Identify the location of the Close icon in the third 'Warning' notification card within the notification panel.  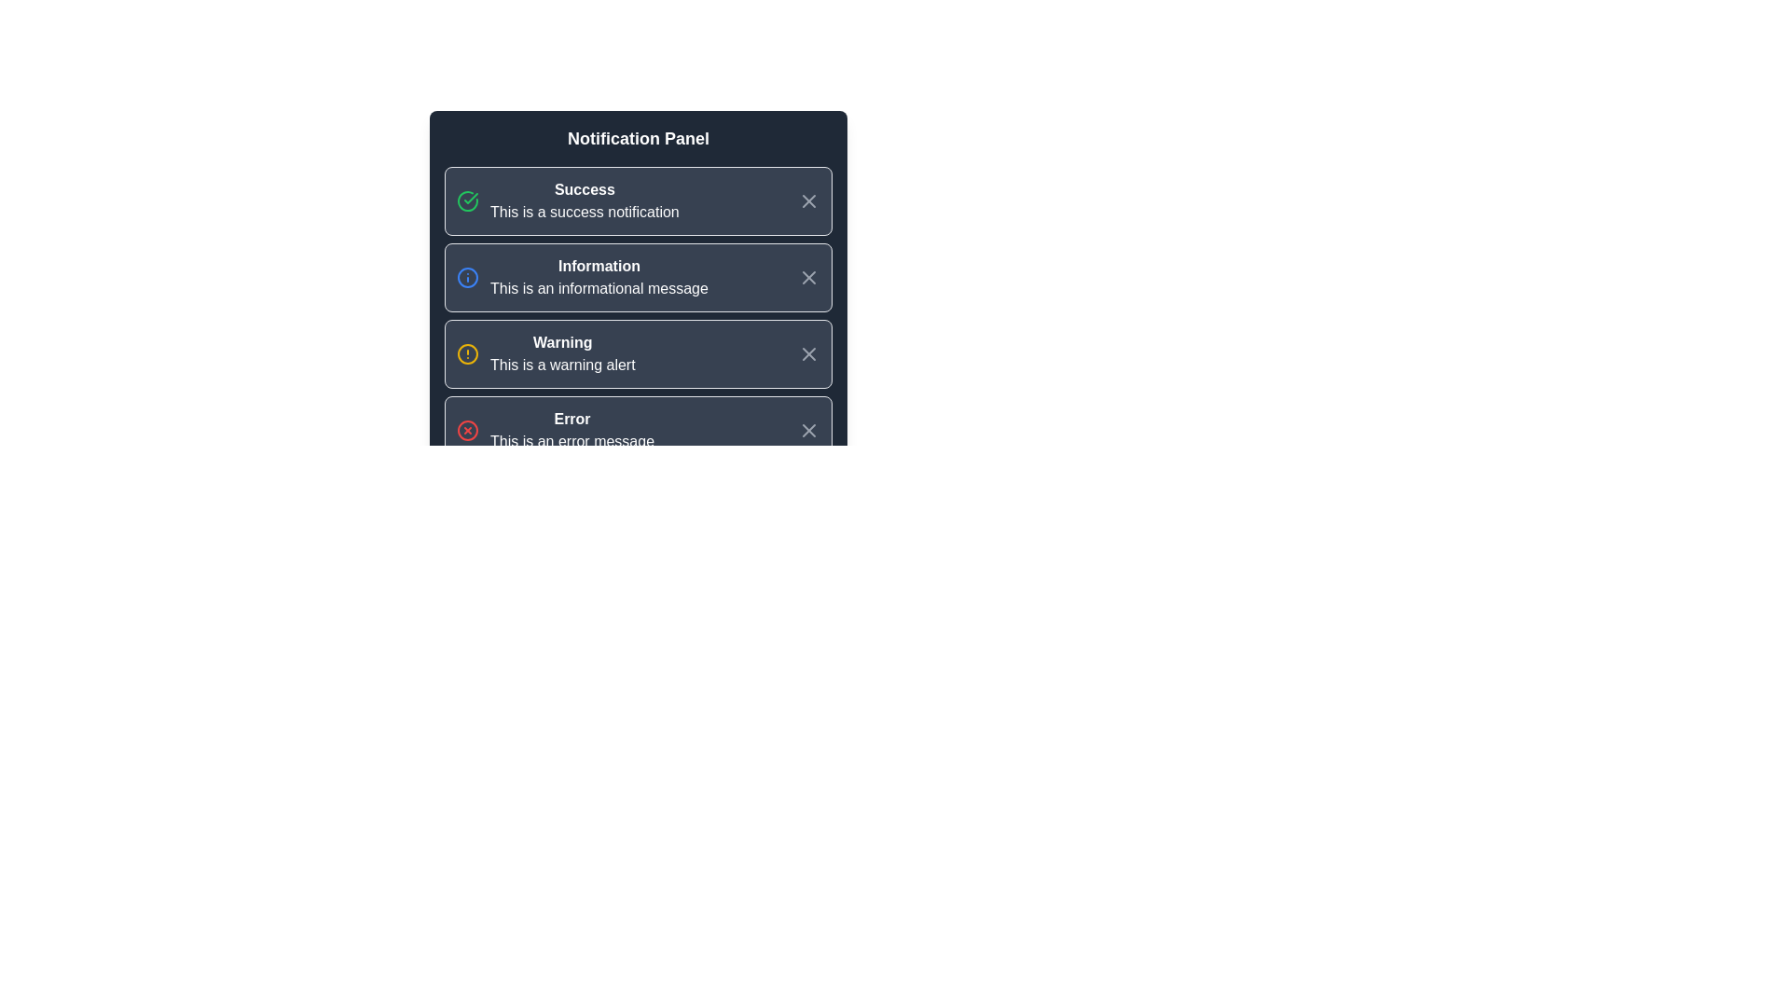
(809, 354).